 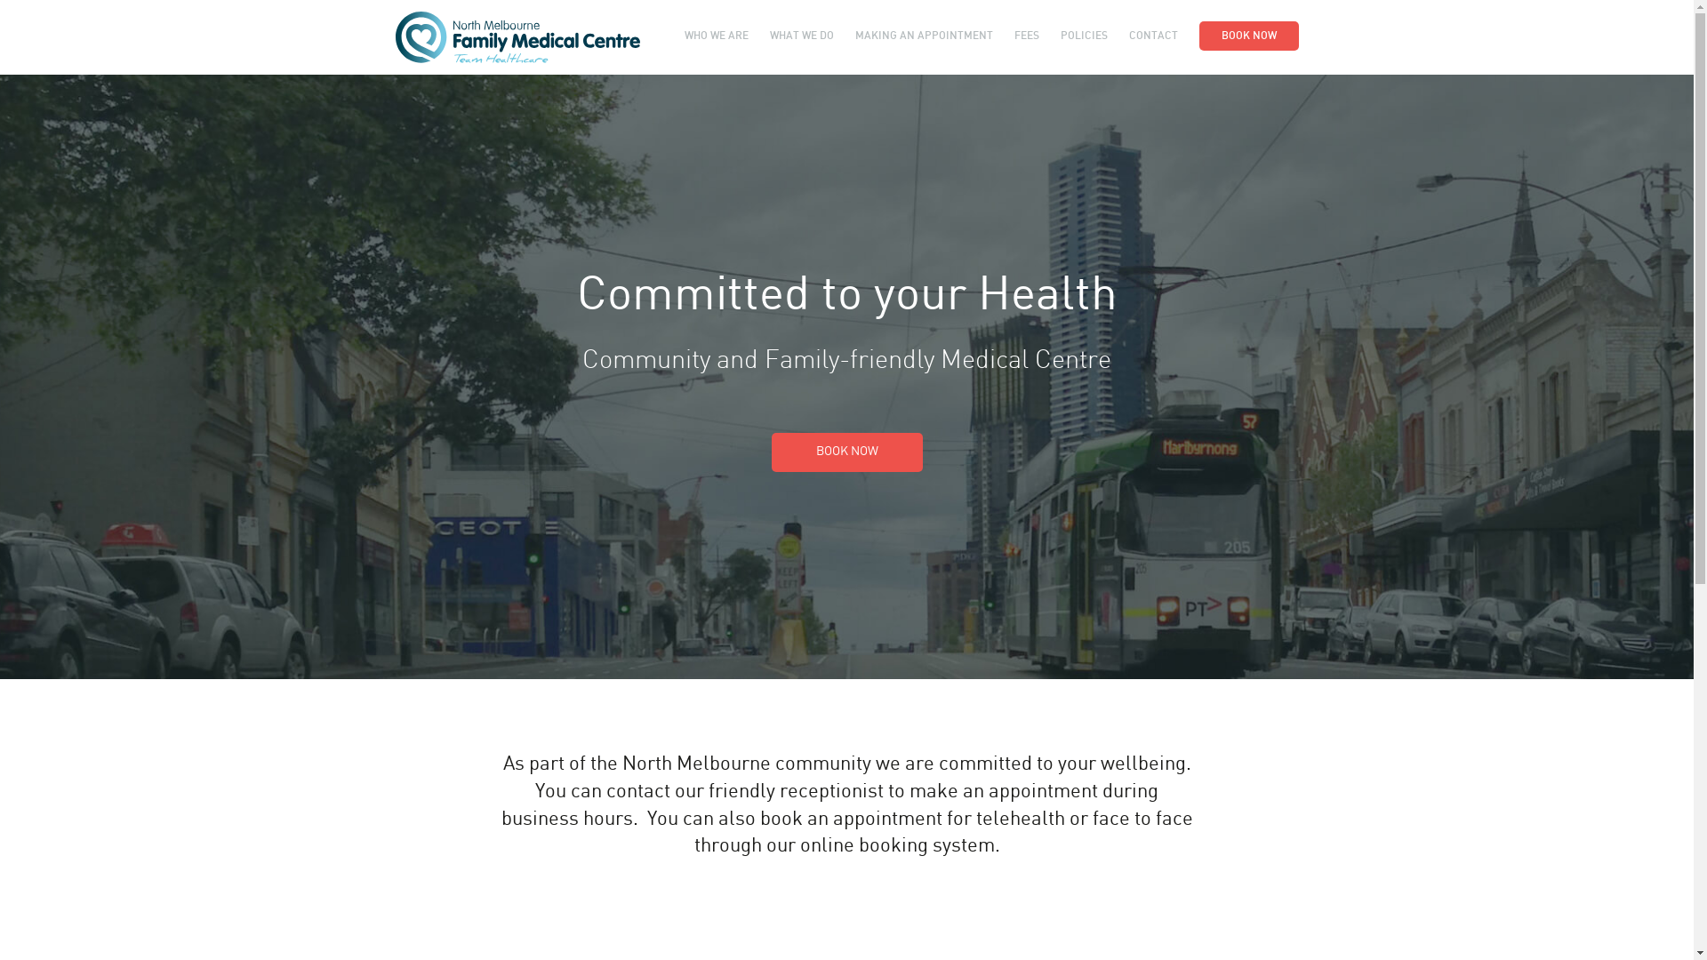 What do you see at coordinates (717, 35) in the screenshot?
I see `'WHO WE ARE'` at bounding box center [717, 35].